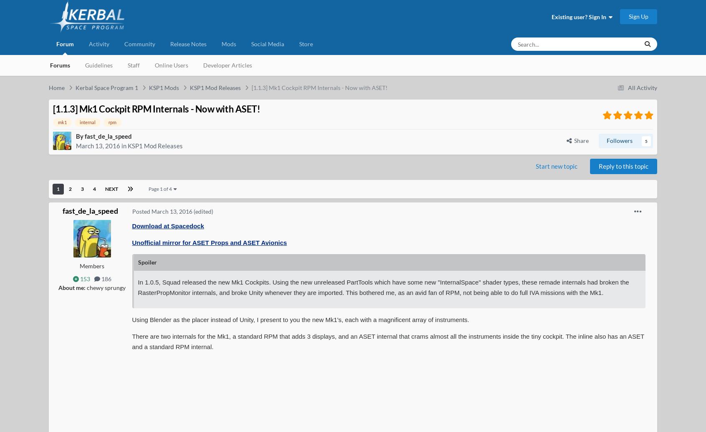 The width and height of the screenshot is (706, 432). Describe the element at coordinates (587, 75) in the screenshot. I see `'This Forum'` at that location.